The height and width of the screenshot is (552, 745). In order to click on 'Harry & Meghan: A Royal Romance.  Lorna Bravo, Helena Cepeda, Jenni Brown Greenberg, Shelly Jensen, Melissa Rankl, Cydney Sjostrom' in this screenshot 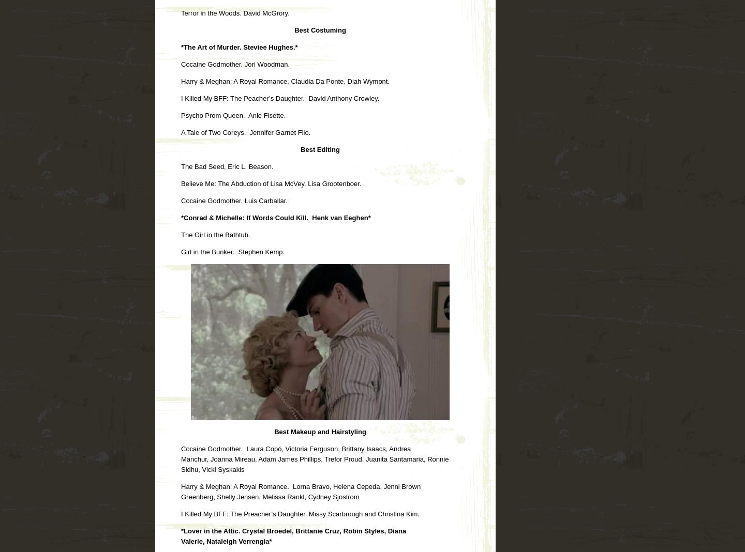, I will do `click(181, 491)`.